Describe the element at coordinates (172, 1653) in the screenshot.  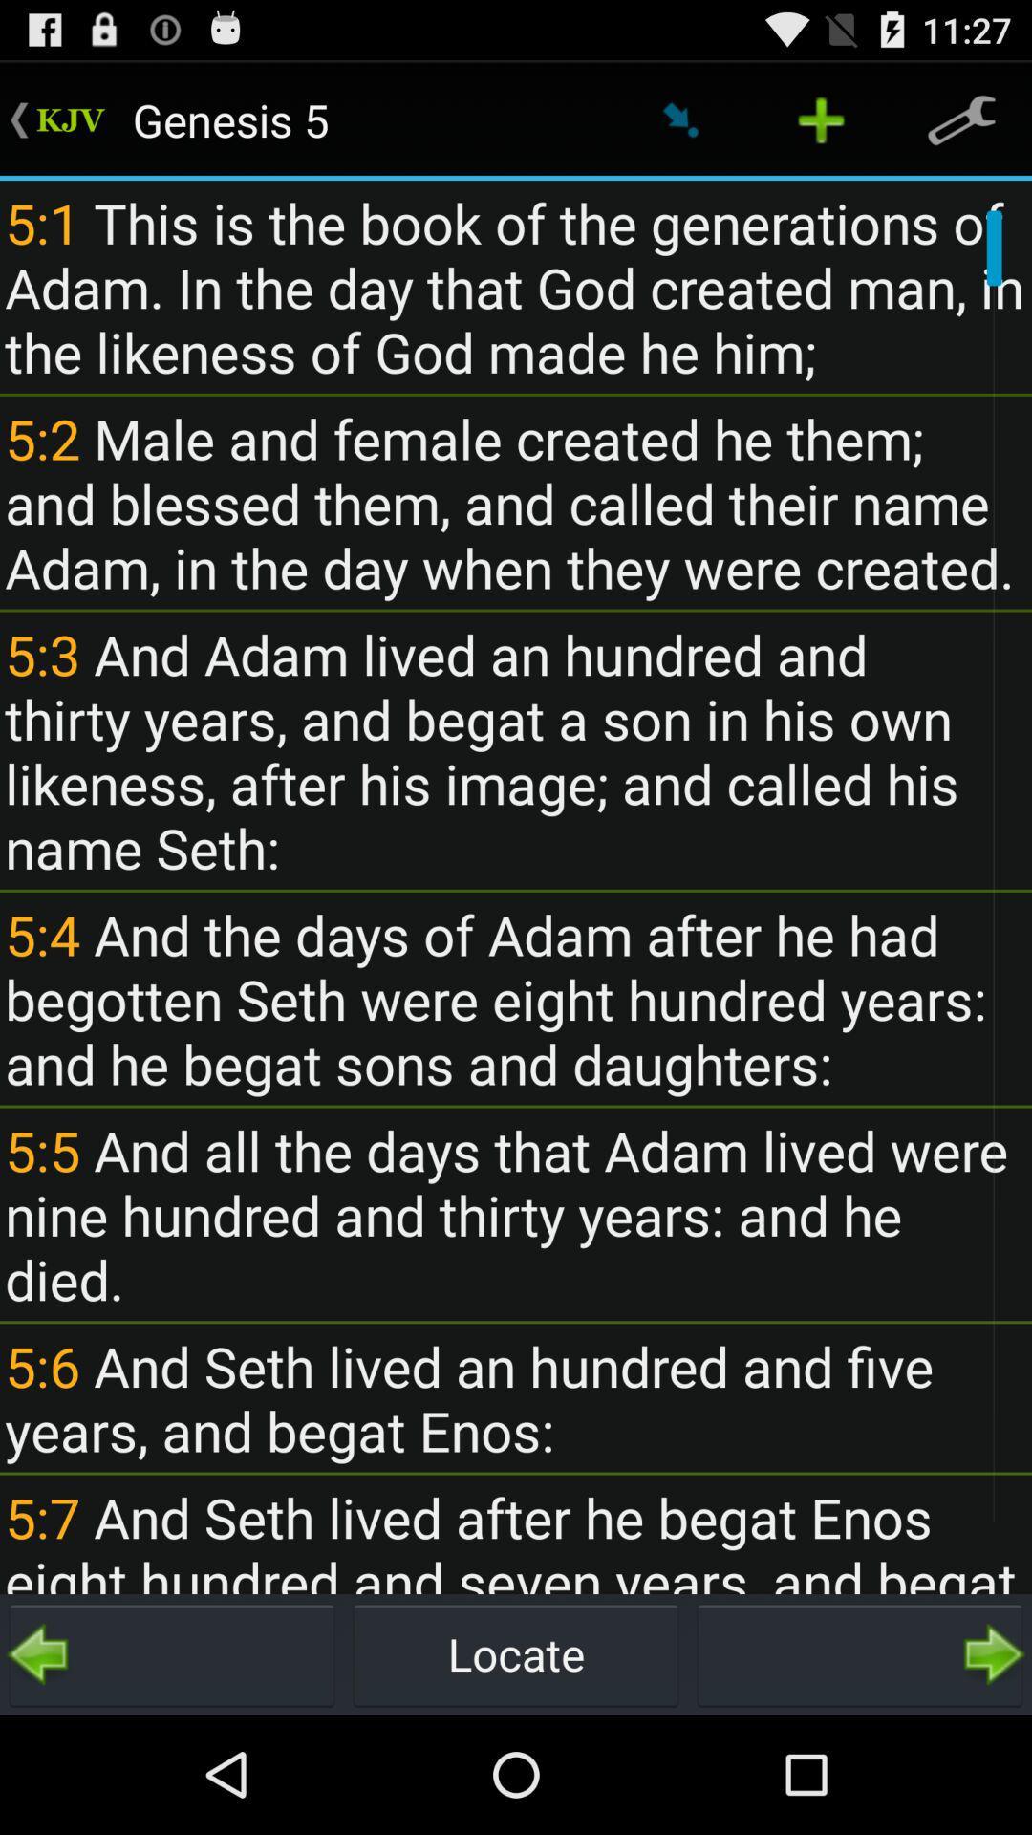
I see `button to the left of locate icon` at that location.